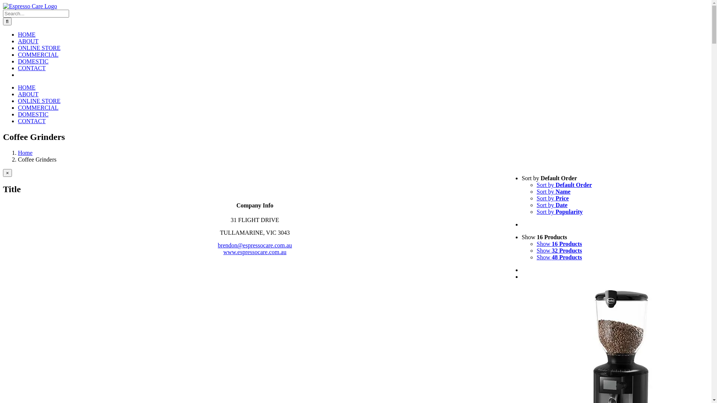 This screenshot has height=403, width=717. What do you see at coordinates (18, 34) in the screenshot?
I see `'HOME'` at bounding box center [18, 34].